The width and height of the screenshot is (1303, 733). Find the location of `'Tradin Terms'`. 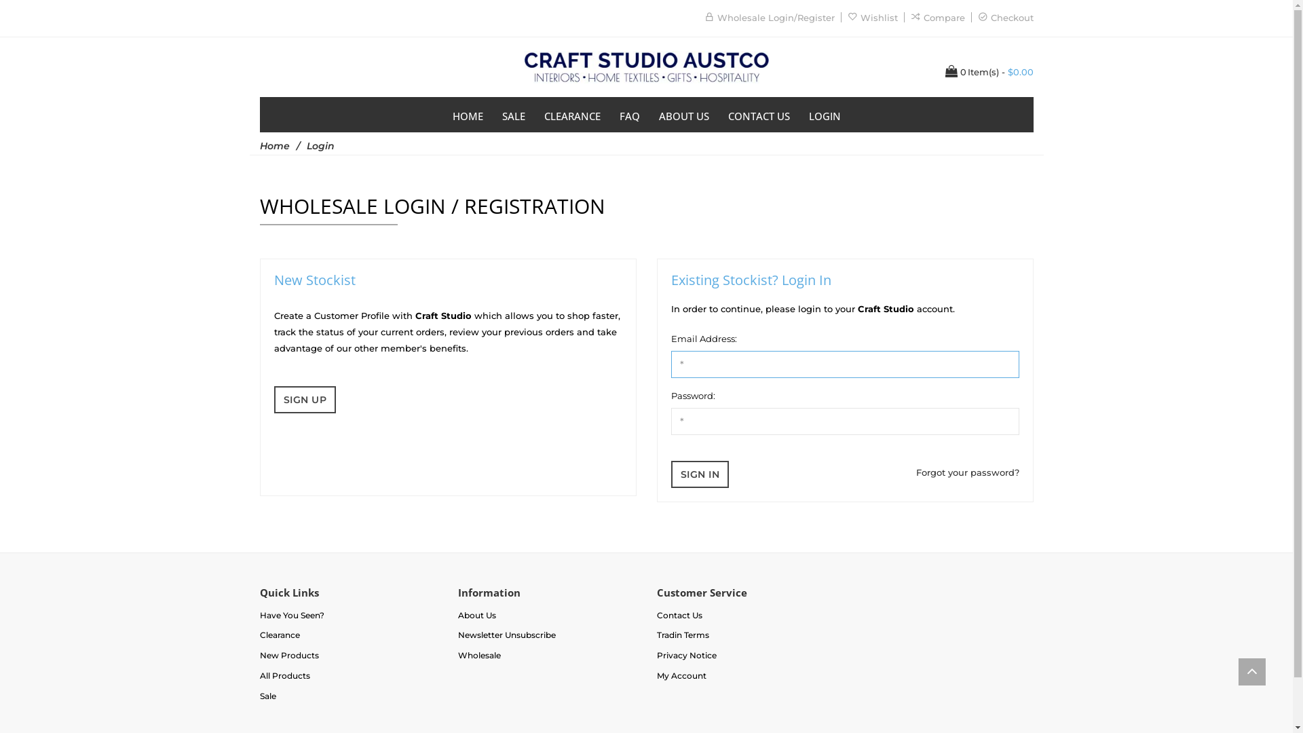

'Tradin Terms' is located at coordinates (657, 635).